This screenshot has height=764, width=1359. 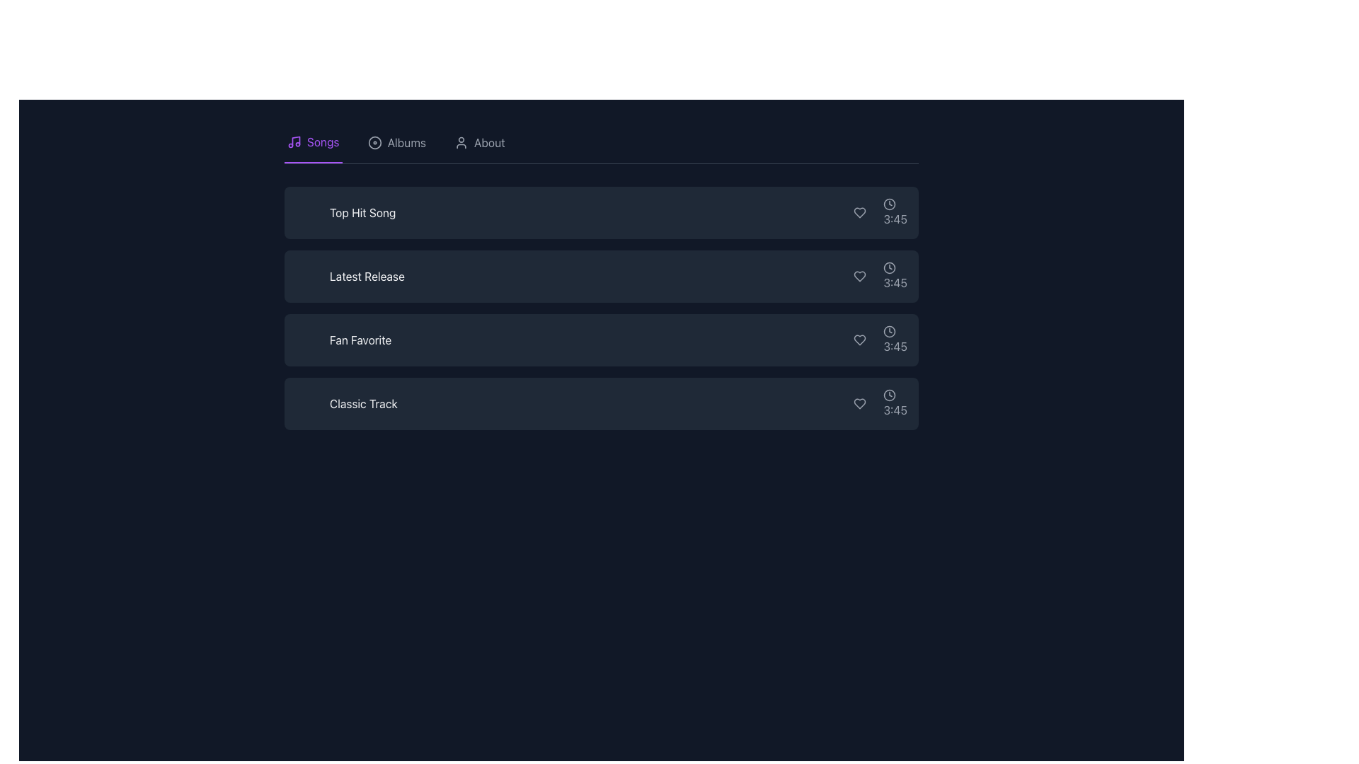 What do you see at coordinates (396, 142) in the screenshot?
I see `the second button from the left in the navigation bar` at bounding box center [396, 142].